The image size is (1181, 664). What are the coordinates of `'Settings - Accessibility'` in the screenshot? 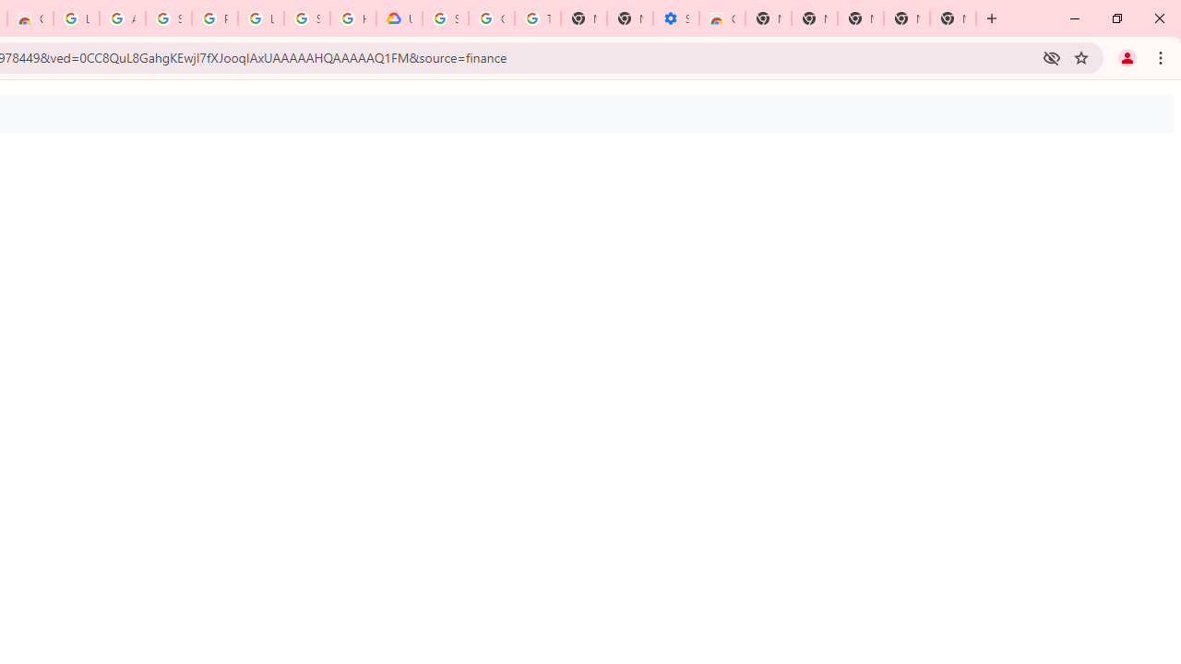 It's located at (674, 18).